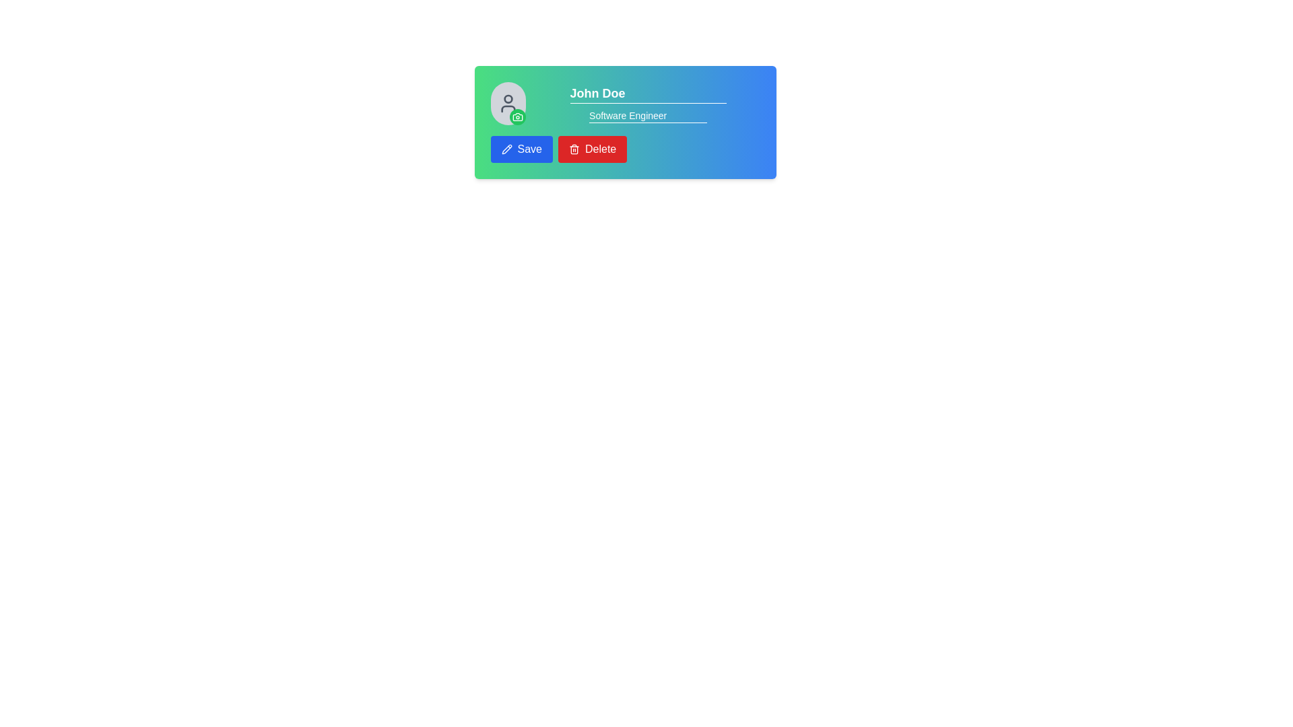 Image resolution: width=1293 pixels, height=727 pixels. What do you see at coordinates (600, 149) in the screenshot?
I see `the red 'Delete' button with a trash can icon, positioned to the right of the 'Save' button` at bounding box center [600, 149].